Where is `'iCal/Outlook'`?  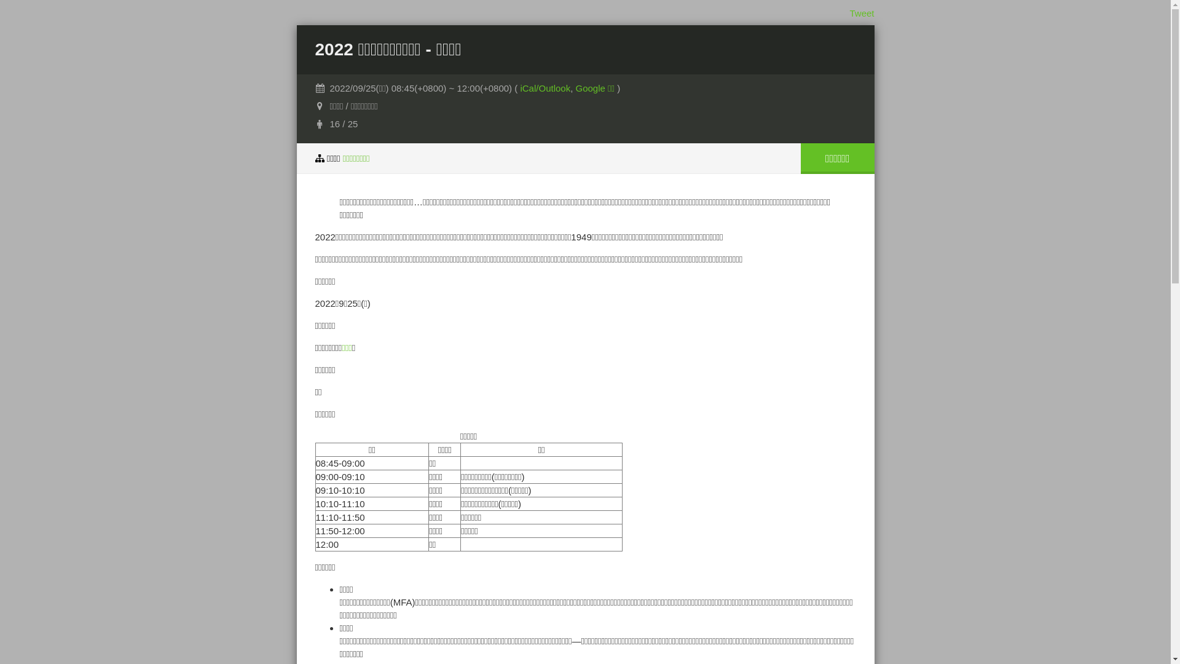
'iCal/Outlook' is located at coordinates (545, 87).